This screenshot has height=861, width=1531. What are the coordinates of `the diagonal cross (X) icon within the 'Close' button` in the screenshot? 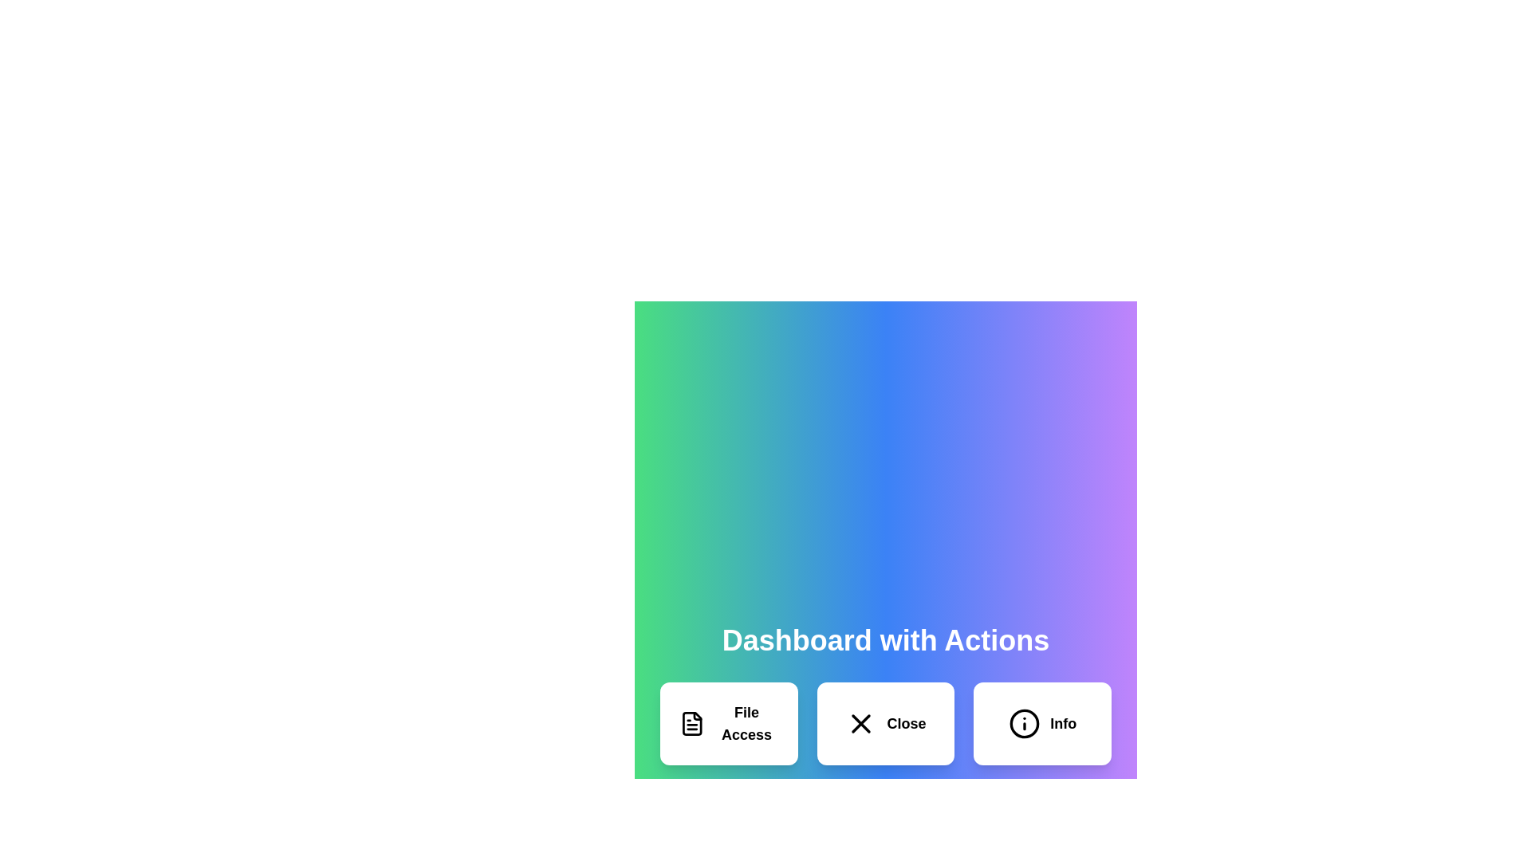 It's located at (860, 723).